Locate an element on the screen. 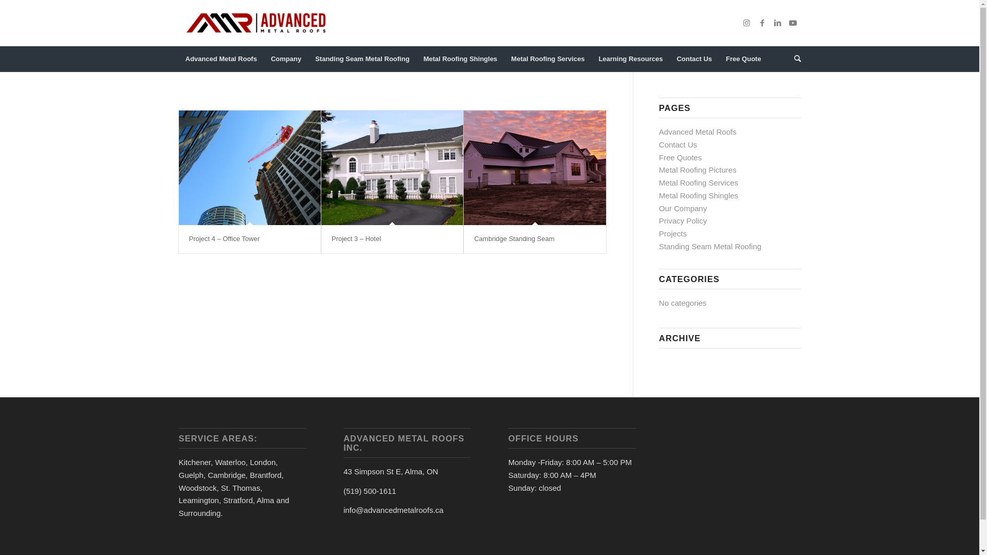 This screenshot has height=555, width=987. 'Youtube' is located at coordinates (784, 23).